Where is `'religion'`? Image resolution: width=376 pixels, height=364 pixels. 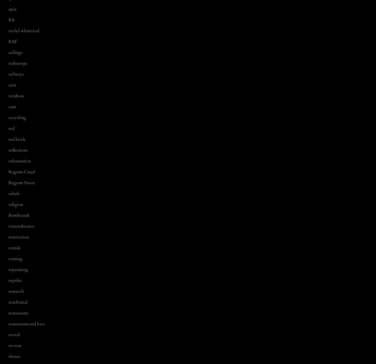
'religion' is located at coordinates (8, 204).